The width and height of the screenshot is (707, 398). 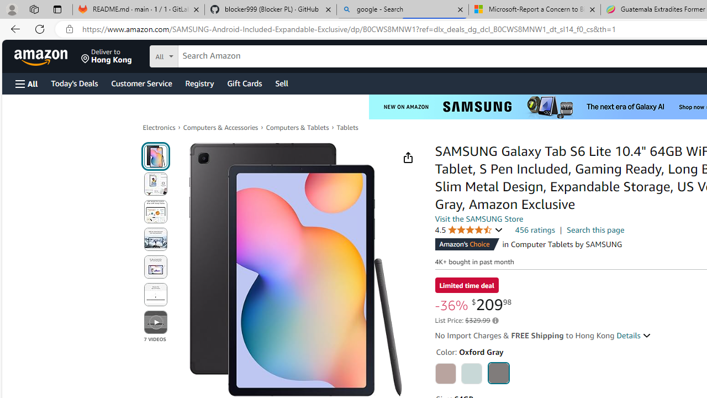 What do you see at coordinates (244, 82) in the screenshot?
I see `'Gift Cards'` at bounding box center [244, 82].